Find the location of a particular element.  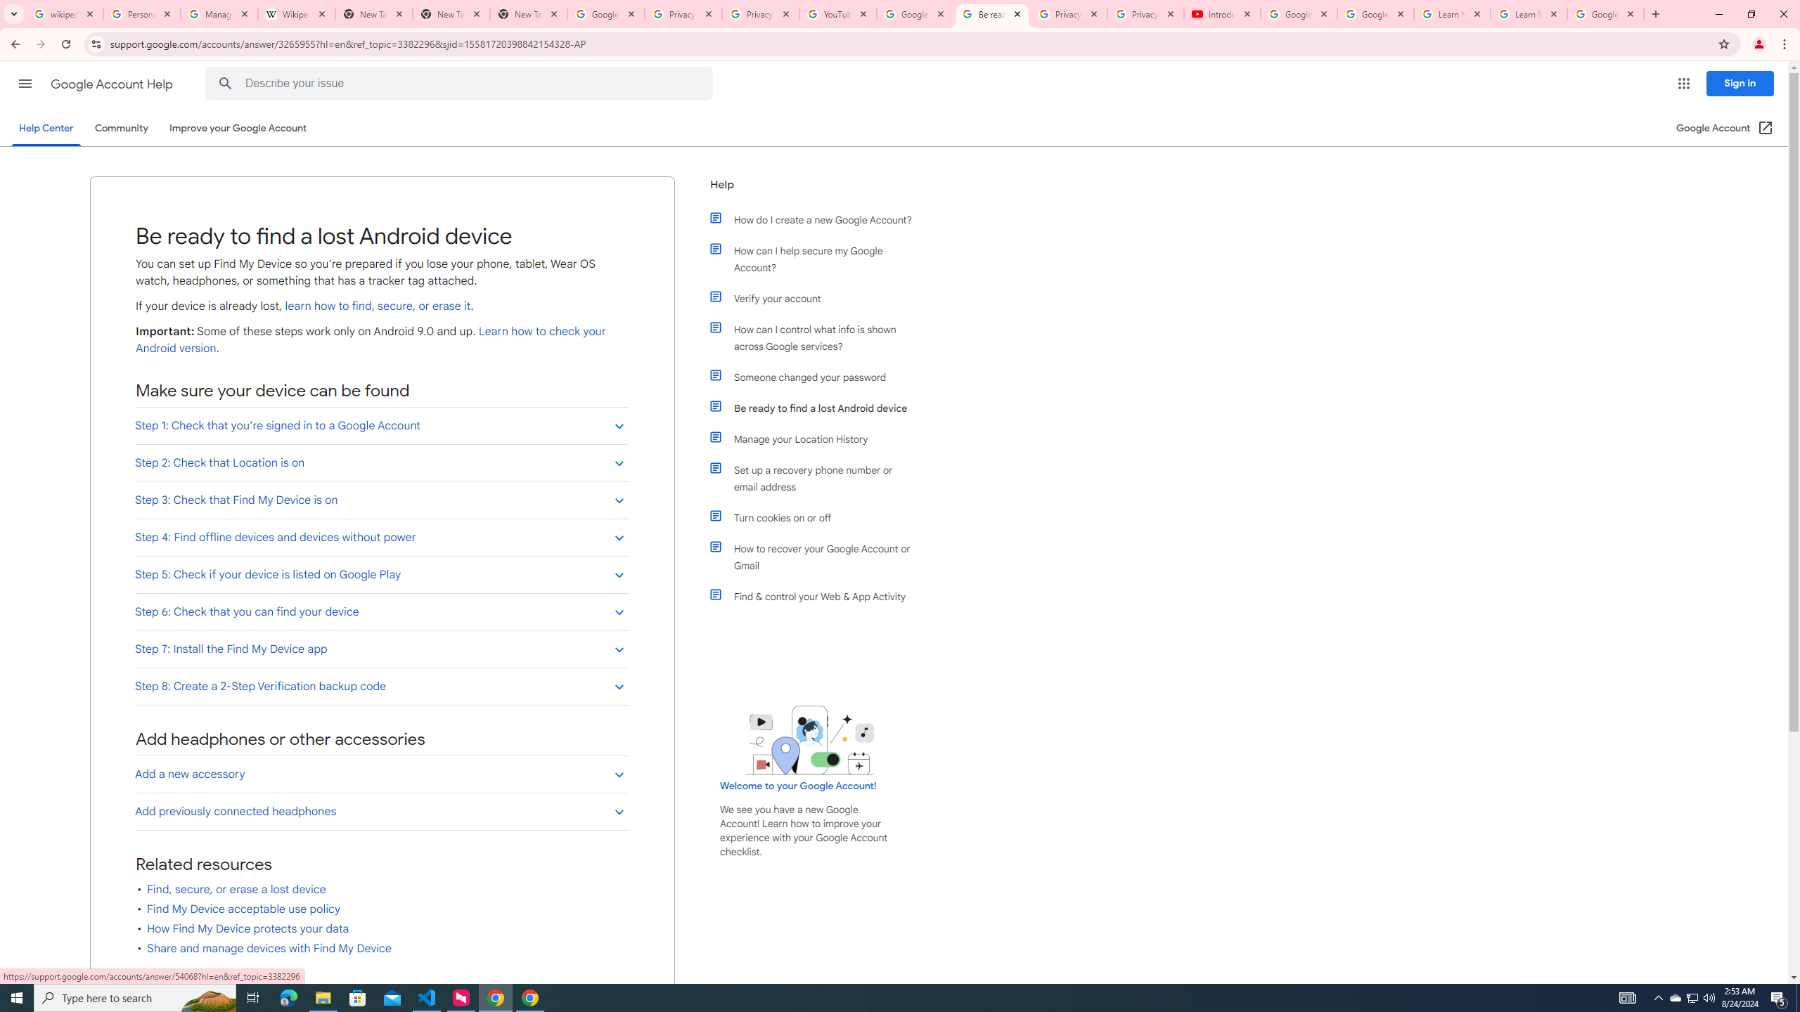

'Google Account Help' is located at coordinates (112, 84).